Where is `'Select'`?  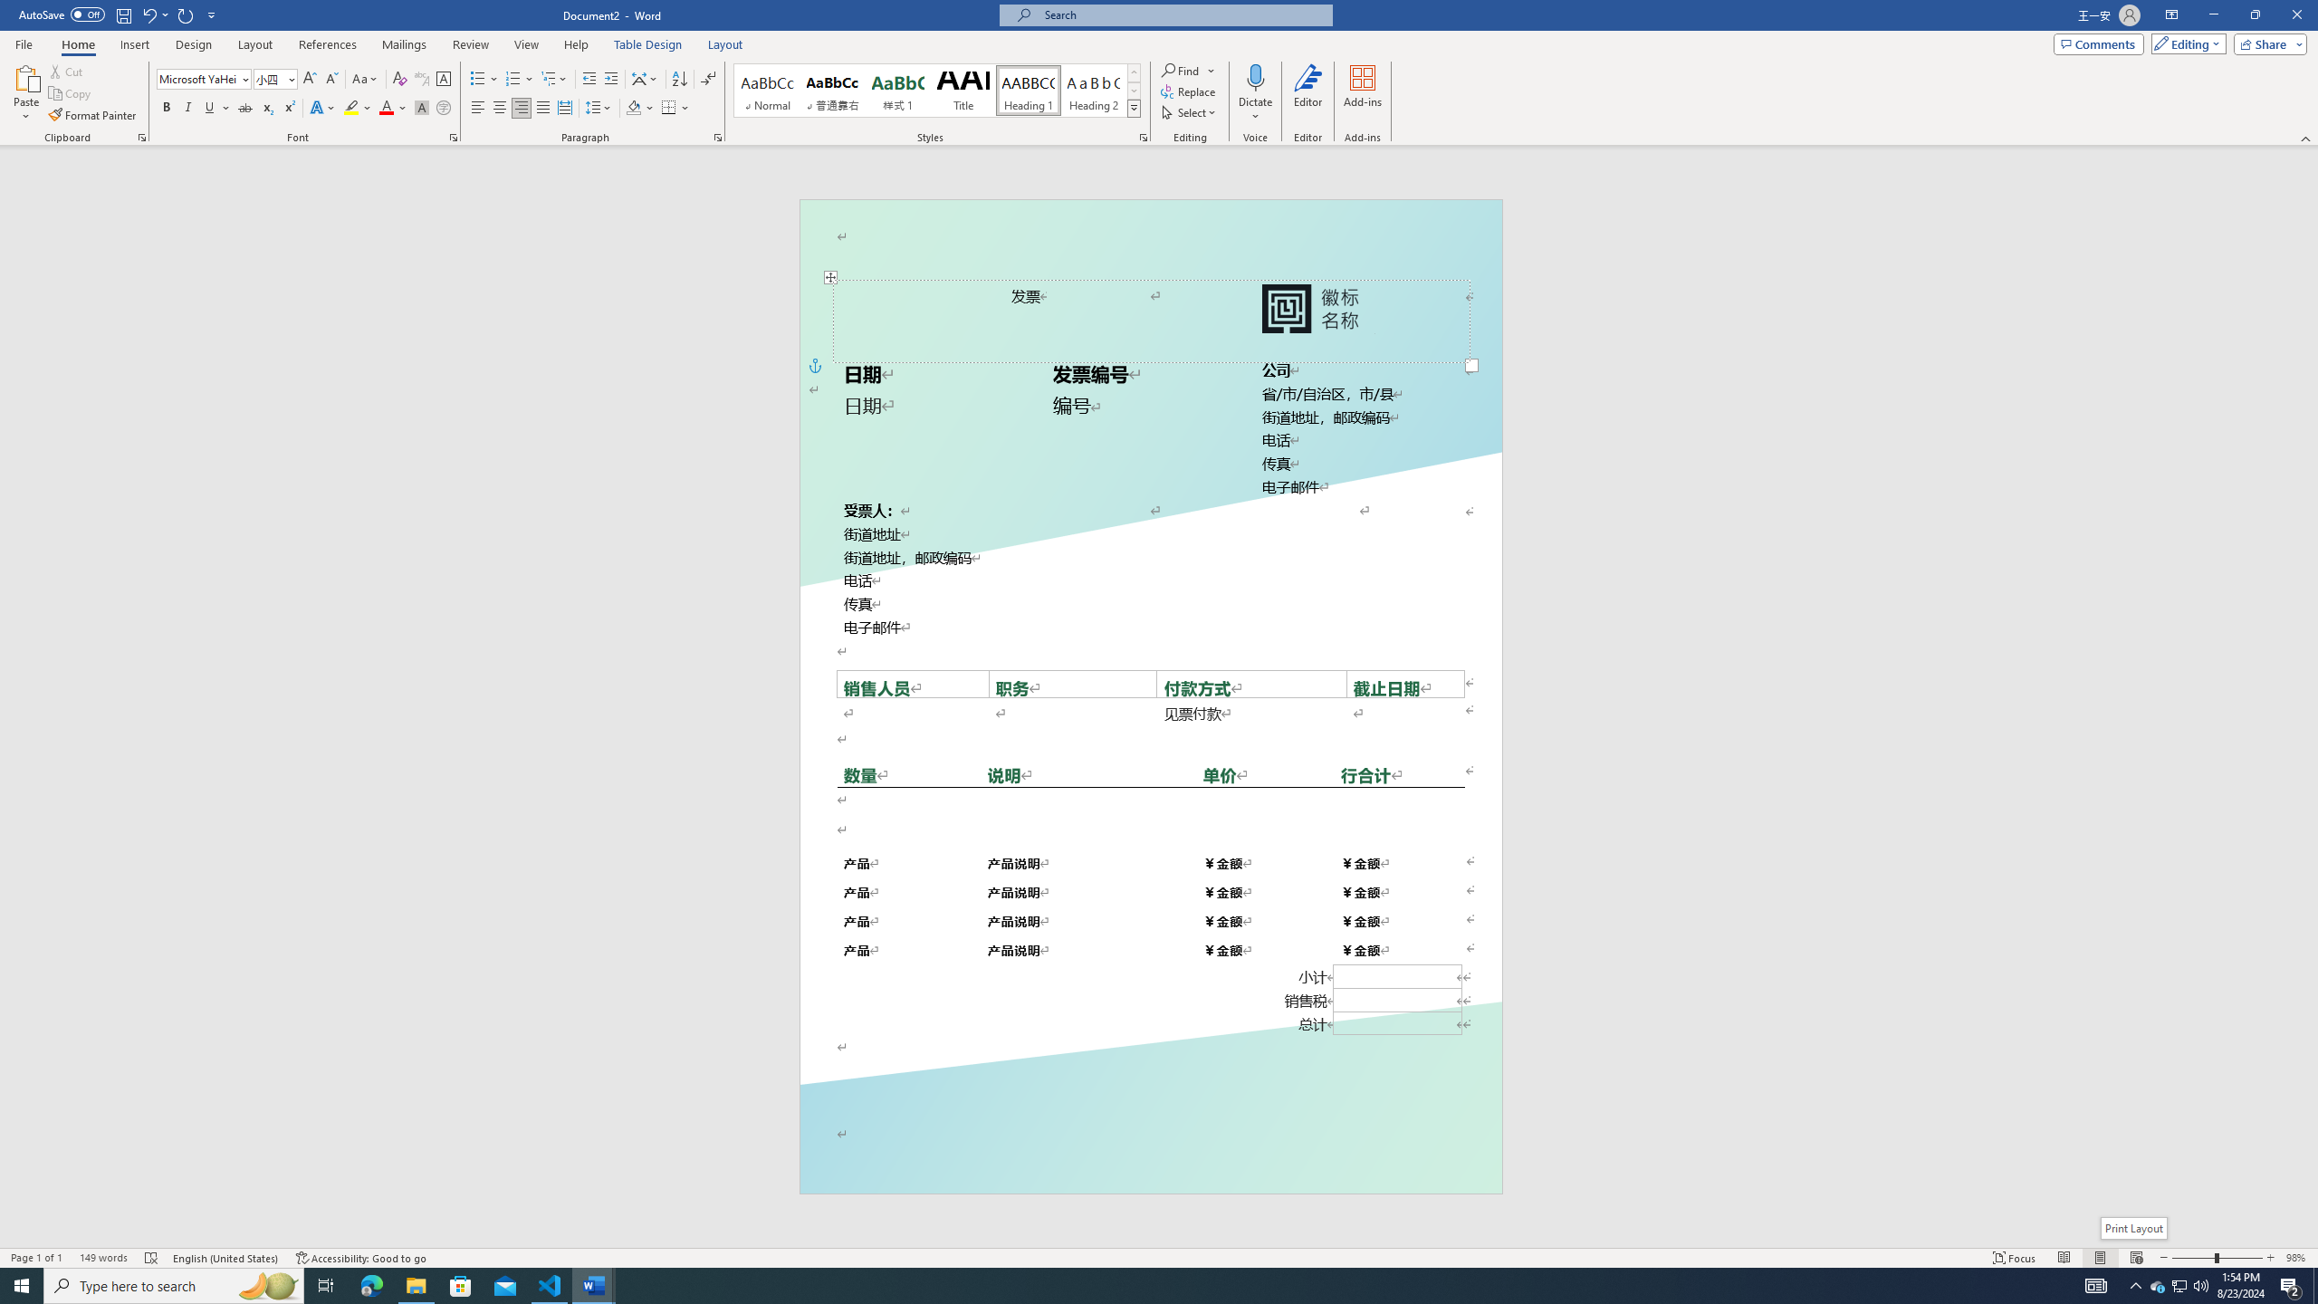 'Select' is located at coordinates (1189, 110).